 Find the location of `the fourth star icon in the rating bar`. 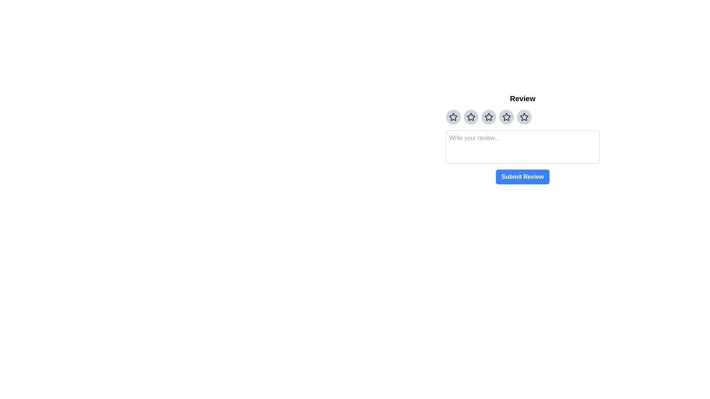

the fourth star icon in the rating bar is located at coordinates (506, 116).